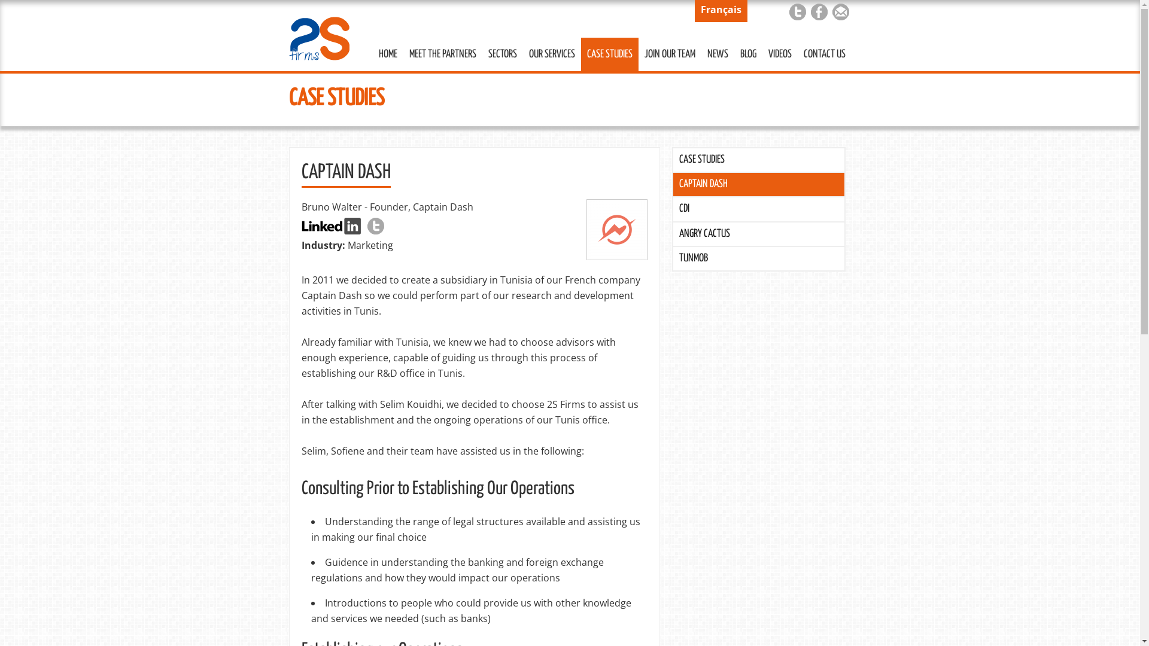 Image resolution: width=1149 pixels, height=646 pixels. I want to click on 'TUNMOB', so click(758, 258).